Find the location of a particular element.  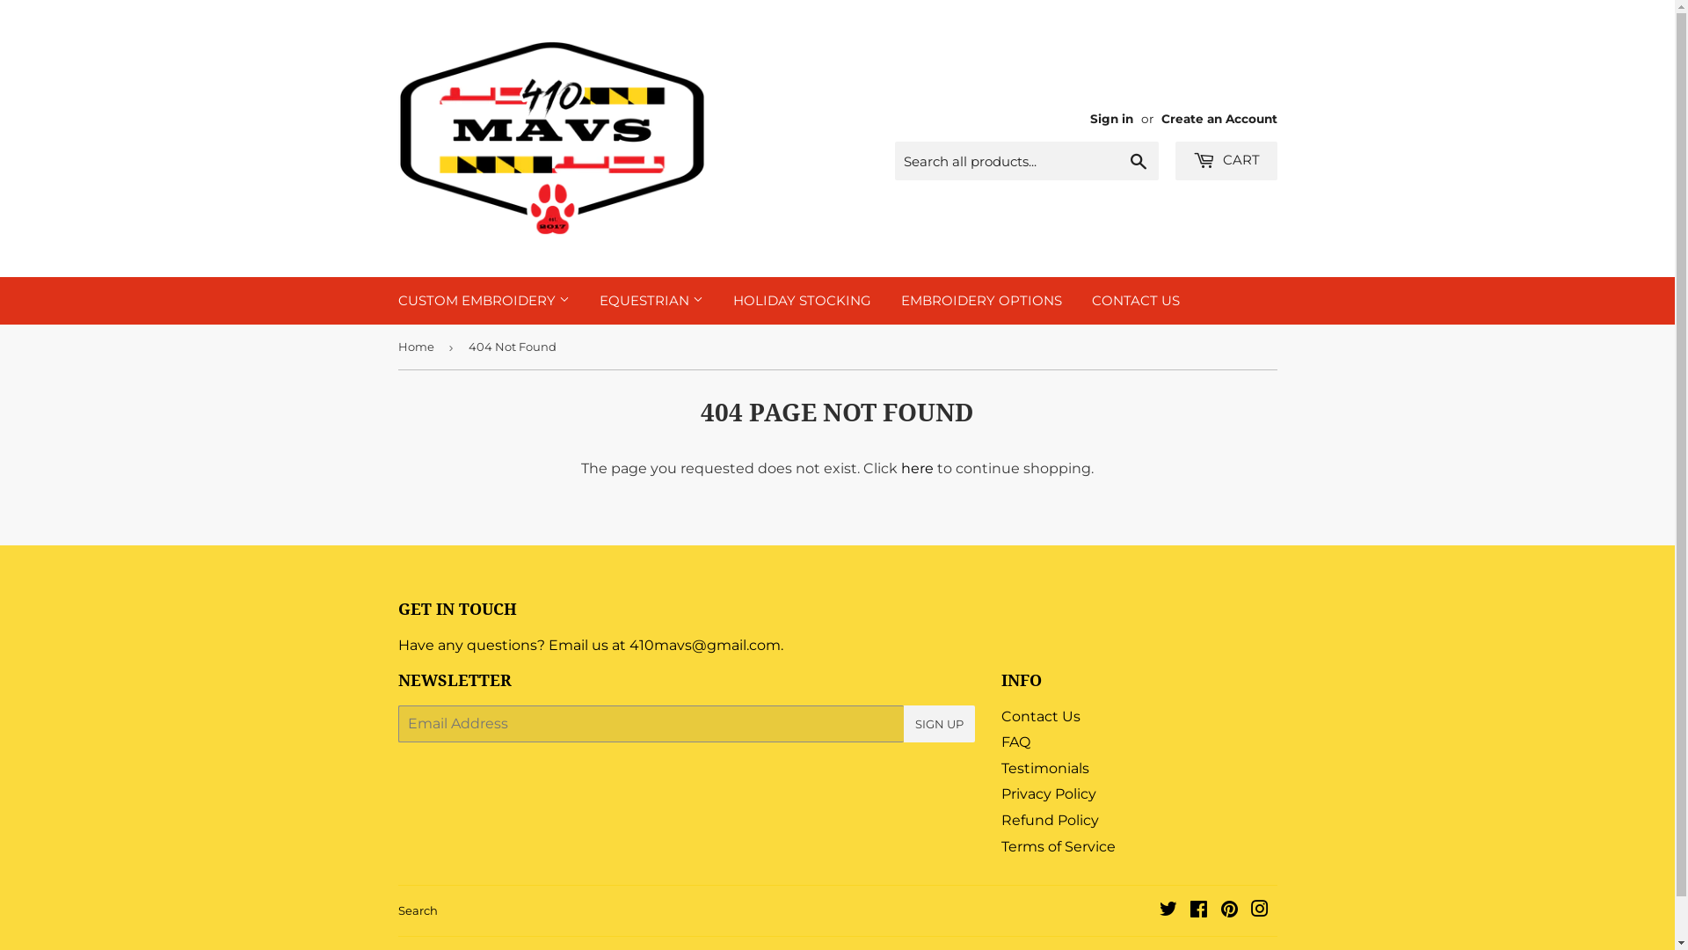

'Twitter' is located at coordinates (1159, 910).